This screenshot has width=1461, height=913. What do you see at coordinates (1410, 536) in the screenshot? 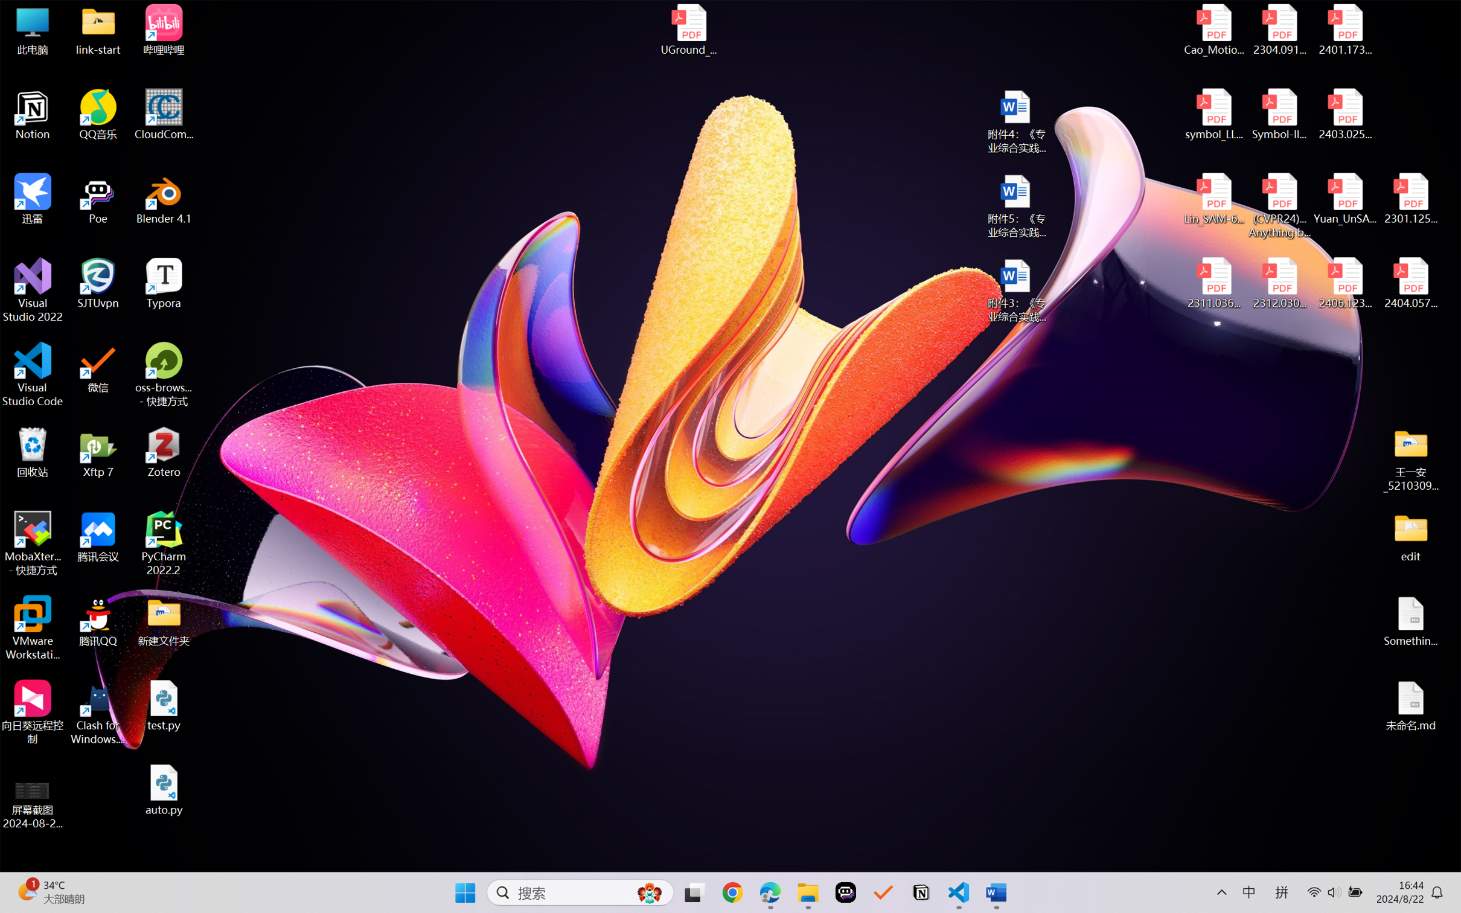
I see `'edit'` at bounding box center [1410, 536].